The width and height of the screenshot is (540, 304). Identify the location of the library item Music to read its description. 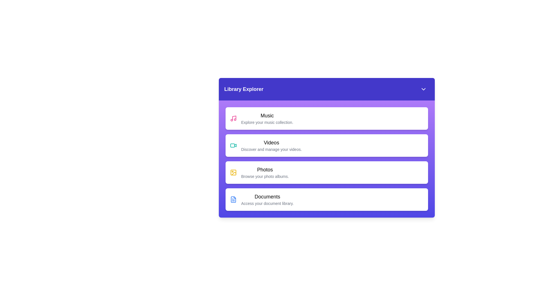
(327, 118).